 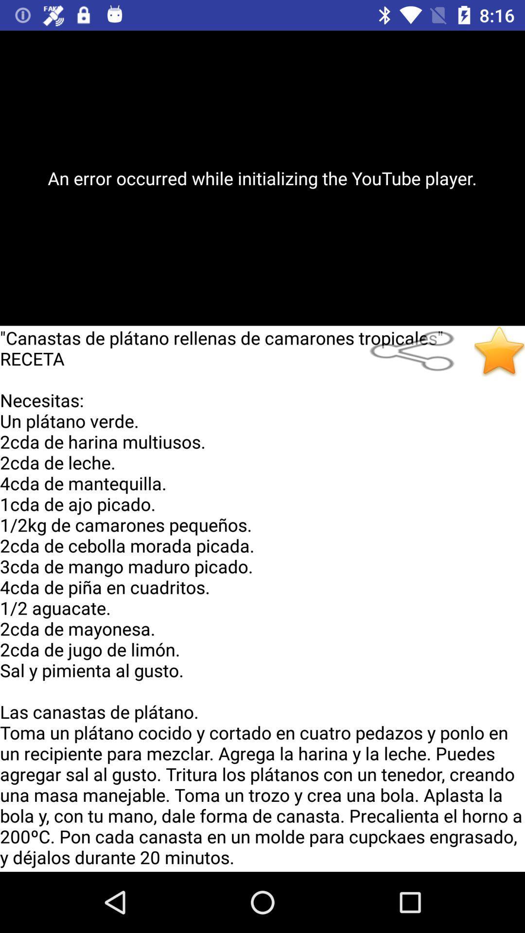 I want to click on the item below an error occurred, so click(x=499, y=351).